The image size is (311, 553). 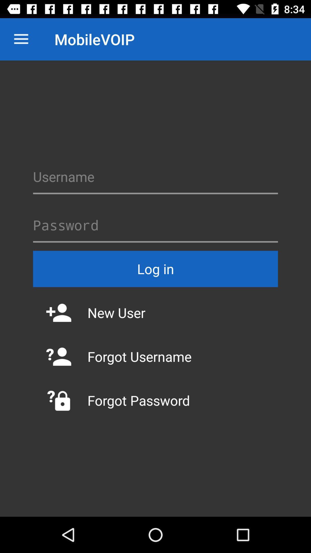 What do you see at coordinates (155, 268) in the screenshot?
I see `log in icon` at bounding box center [155, 268].